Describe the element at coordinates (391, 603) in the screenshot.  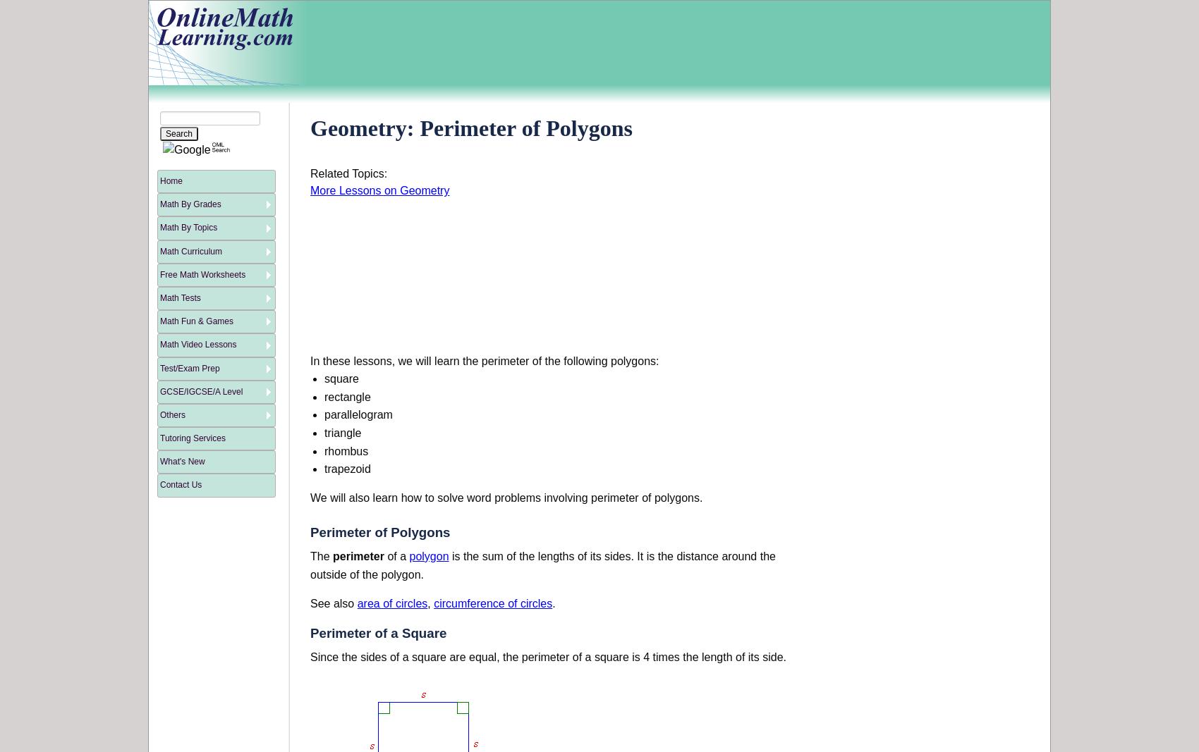
I see `'area of circles'` at that location.